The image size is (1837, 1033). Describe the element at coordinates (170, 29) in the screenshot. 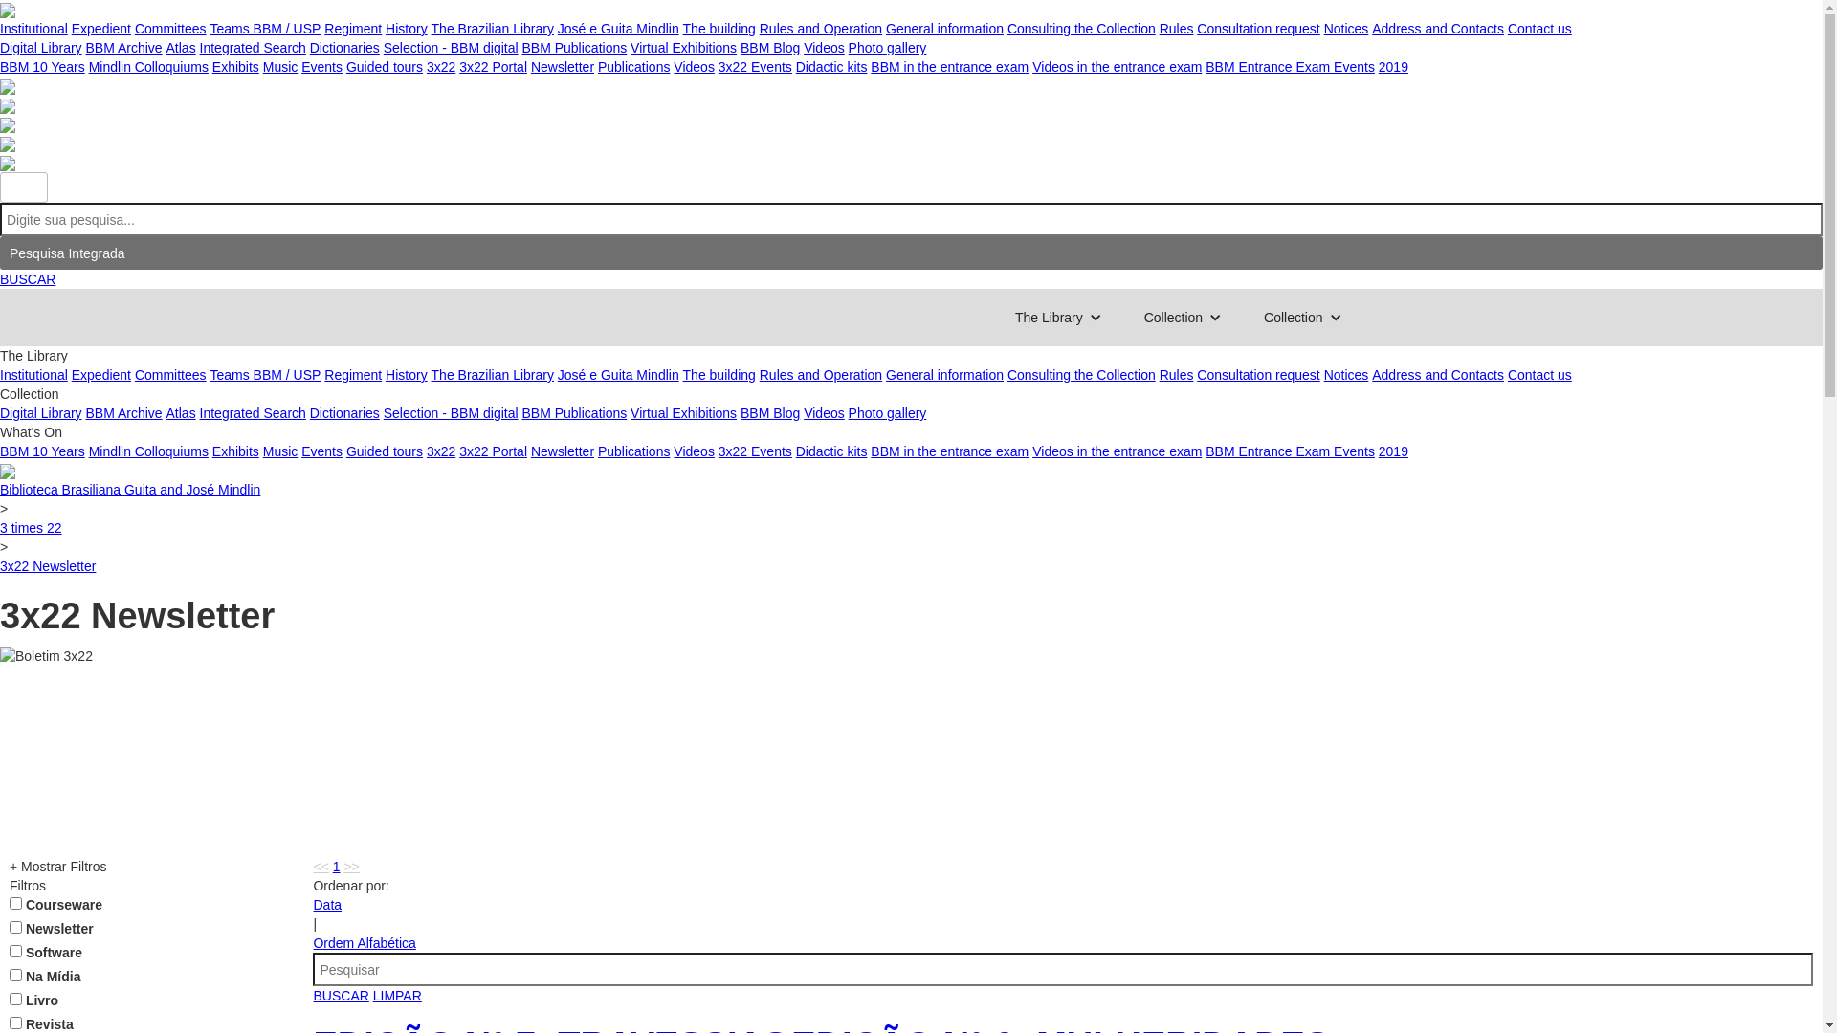

I see `'Committees'` at that location.